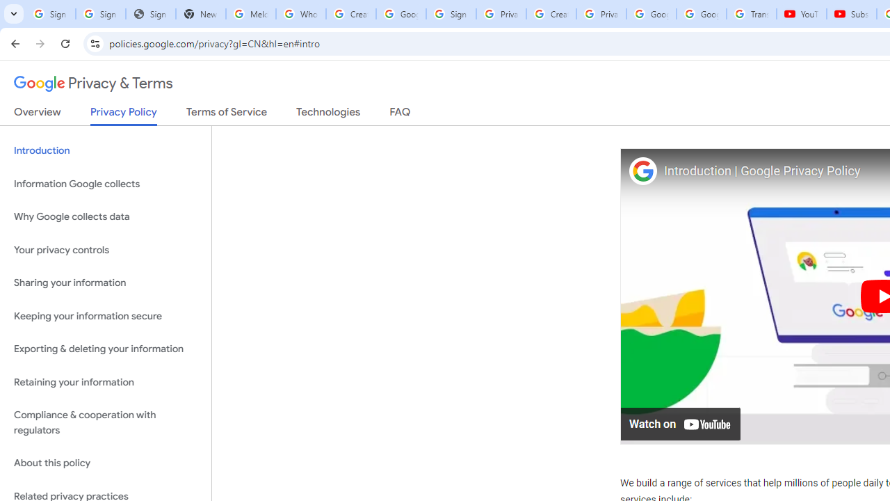 The width and height of the screenshot is (890, 501). What do you see at coordinates (105, 316) in the screenshot?
I see `'Keeping your information secure'` at bounding box center [105, 316].